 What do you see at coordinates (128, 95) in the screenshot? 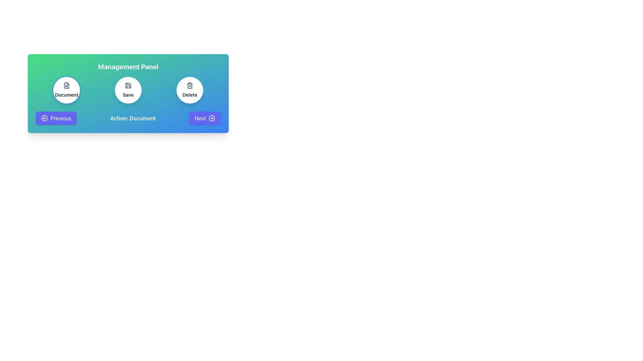
I see `the 'Save' text label, which is displayed in a bold, black font and located at the center-bottom of a circular button in the control panel` at bounding box center [128, 95].